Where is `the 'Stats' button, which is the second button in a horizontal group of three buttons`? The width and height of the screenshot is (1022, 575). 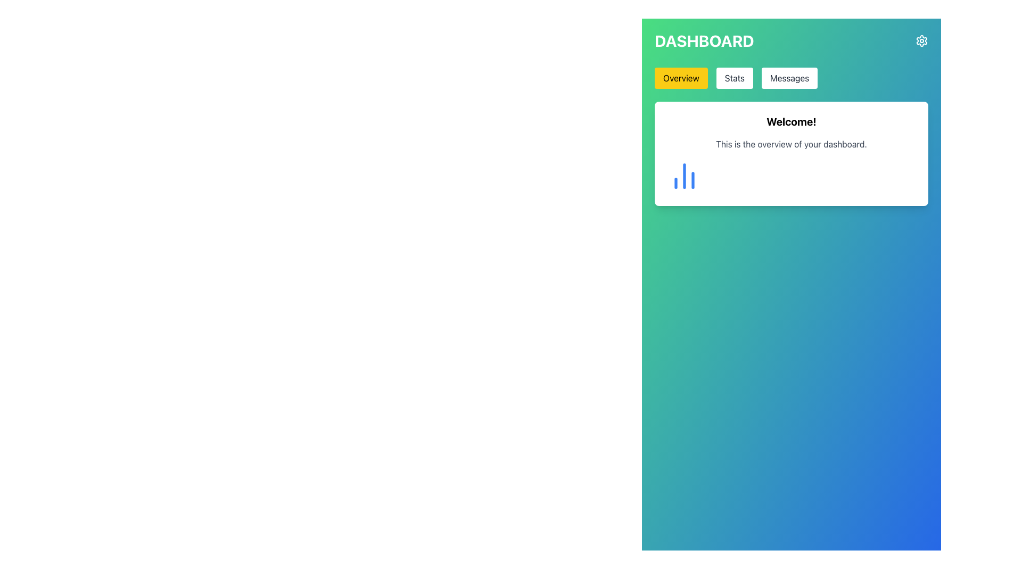
the 'Stats' button, which is the second button in a horizontal group of three buttons is located at coordinates (734, 77).